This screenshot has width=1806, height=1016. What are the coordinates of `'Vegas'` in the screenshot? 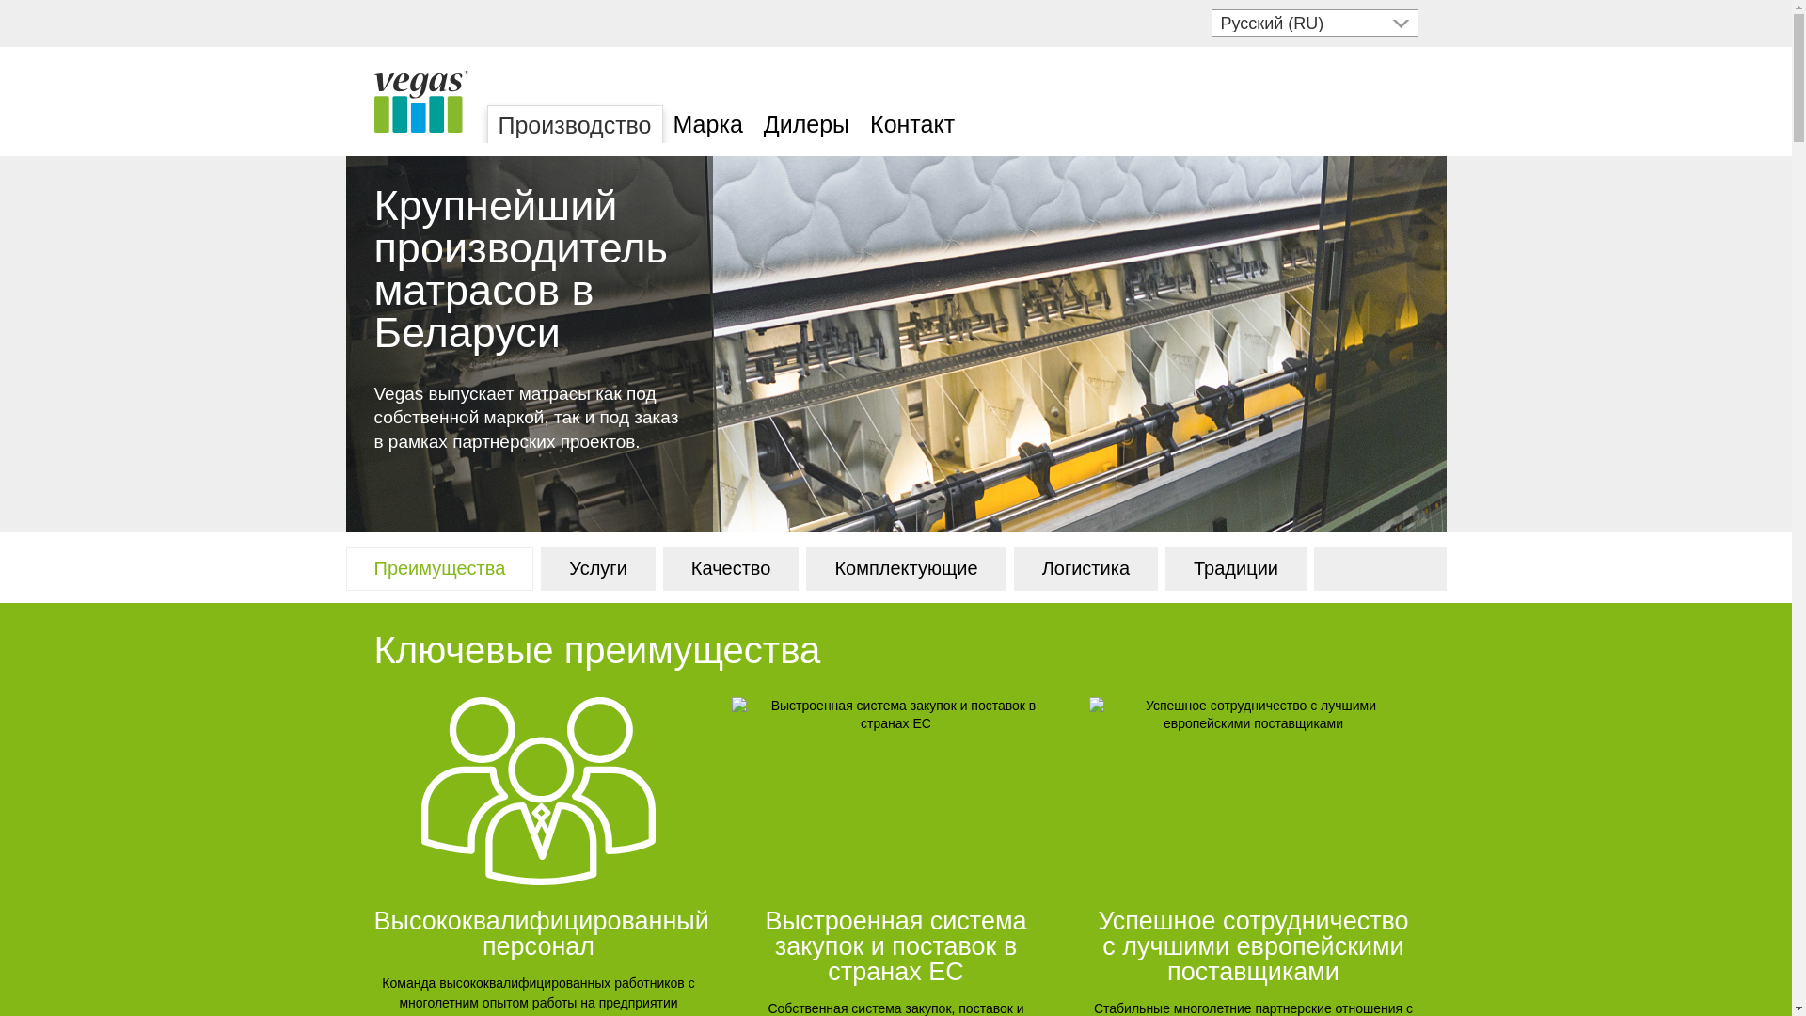 It's located at (420, 102).